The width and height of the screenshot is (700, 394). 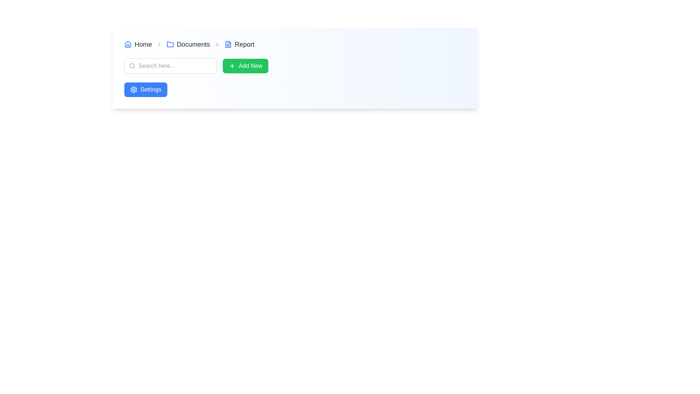 I want to click on the Text label located in the navigation bar at the top-left, which indicates the current page or links to the home section, situated between a house icon and a folder icon labeled 'Documents', so click(x=143, y=45).